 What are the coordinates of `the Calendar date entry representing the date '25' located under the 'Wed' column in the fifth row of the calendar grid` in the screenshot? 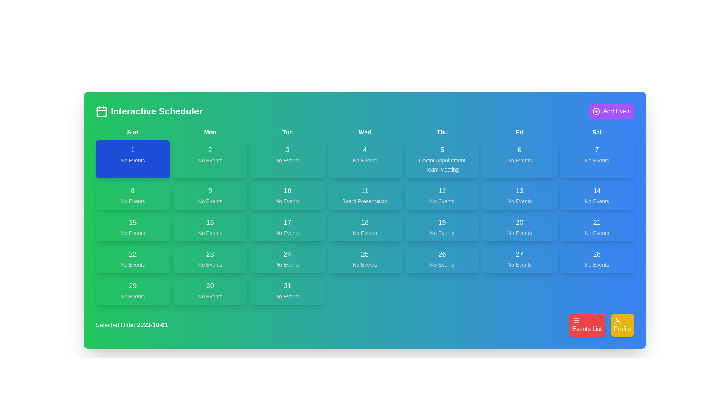 It's located at (365, 258).